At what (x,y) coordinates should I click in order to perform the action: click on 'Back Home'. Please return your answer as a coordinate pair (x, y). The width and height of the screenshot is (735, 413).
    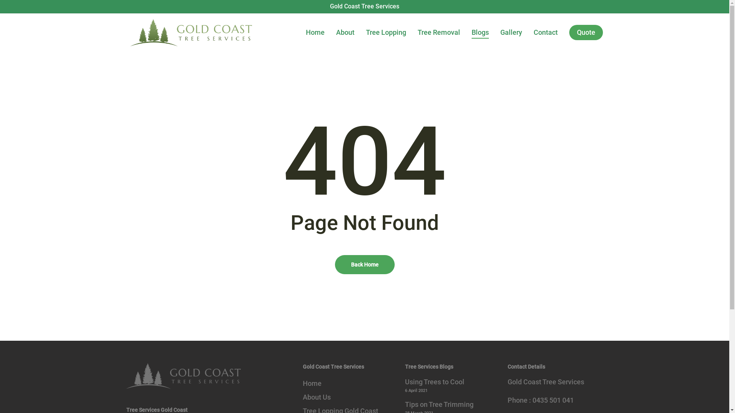
    Looking at the image, I should click on (364, 263).